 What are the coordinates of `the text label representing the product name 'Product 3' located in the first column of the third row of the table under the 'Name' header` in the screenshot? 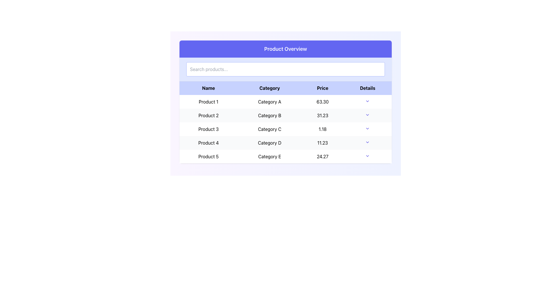 It's located at (208, 129).